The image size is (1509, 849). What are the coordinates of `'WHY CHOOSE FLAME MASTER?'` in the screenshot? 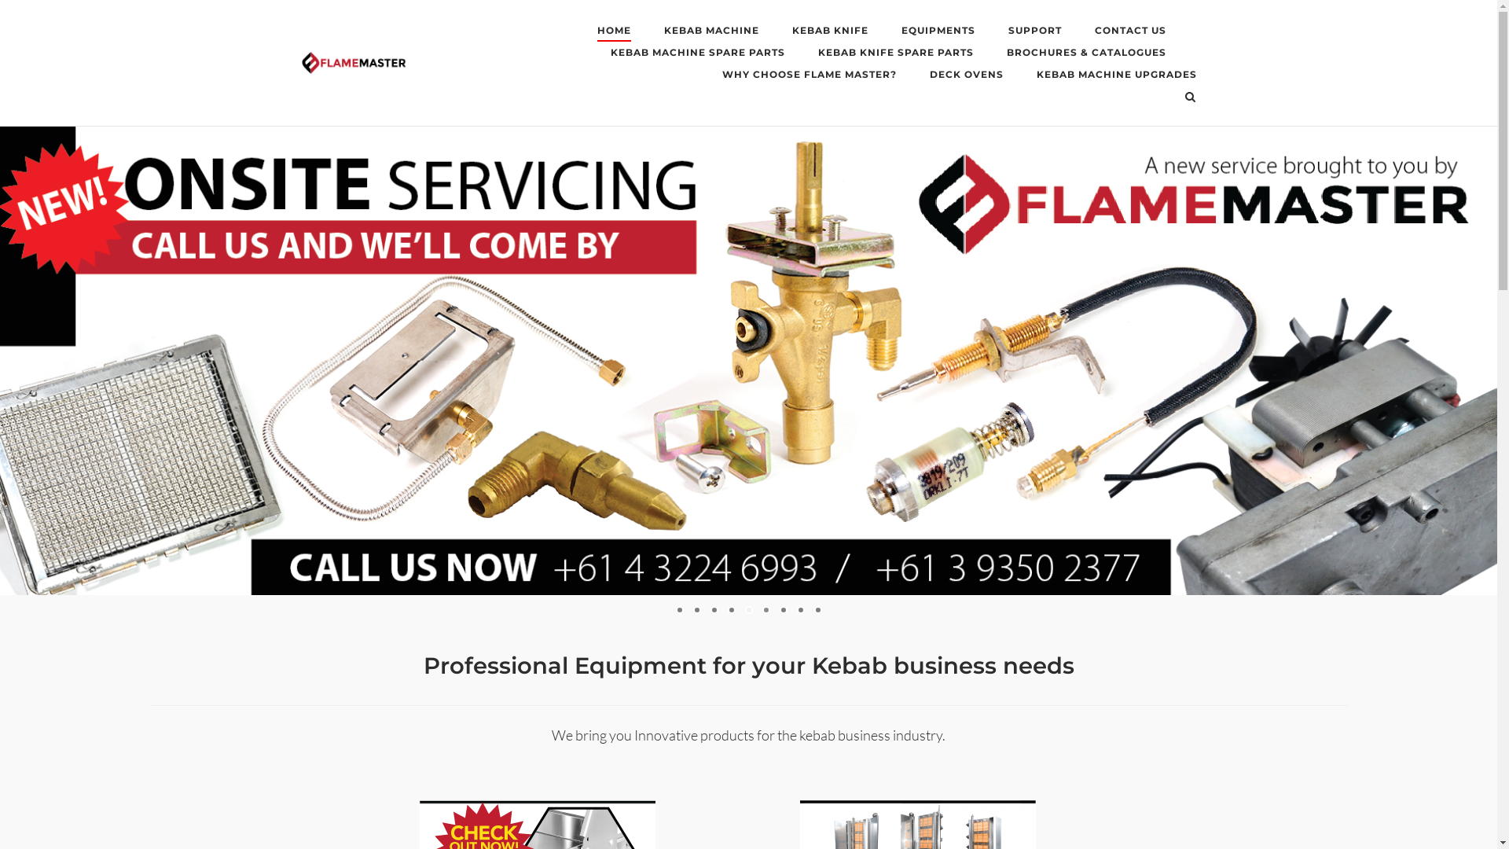 It's located at (808, 76).